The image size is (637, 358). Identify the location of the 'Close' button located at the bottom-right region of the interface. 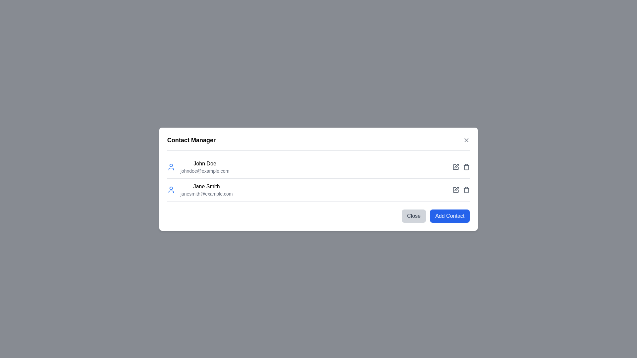
(413, 216).